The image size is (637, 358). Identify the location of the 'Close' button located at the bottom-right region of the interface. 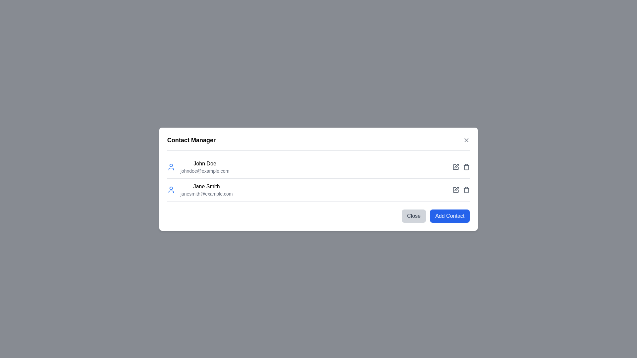
(413, 216).